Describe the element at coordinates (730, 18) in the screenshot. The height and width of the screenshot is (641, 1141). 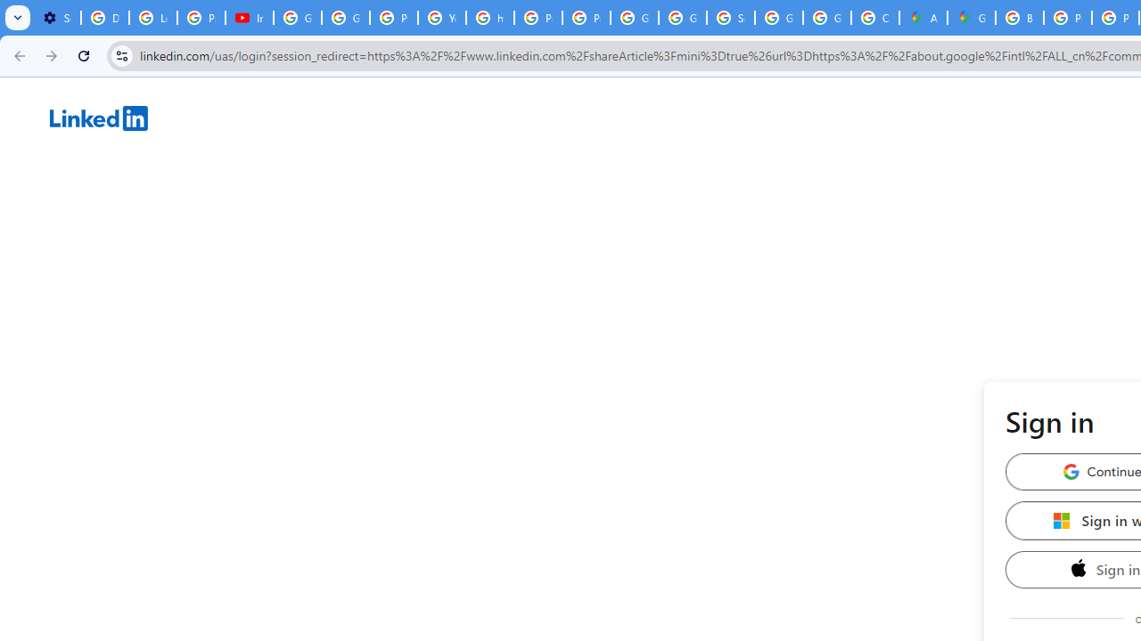
I see `'Sign in - Google Accounts'` at that location.